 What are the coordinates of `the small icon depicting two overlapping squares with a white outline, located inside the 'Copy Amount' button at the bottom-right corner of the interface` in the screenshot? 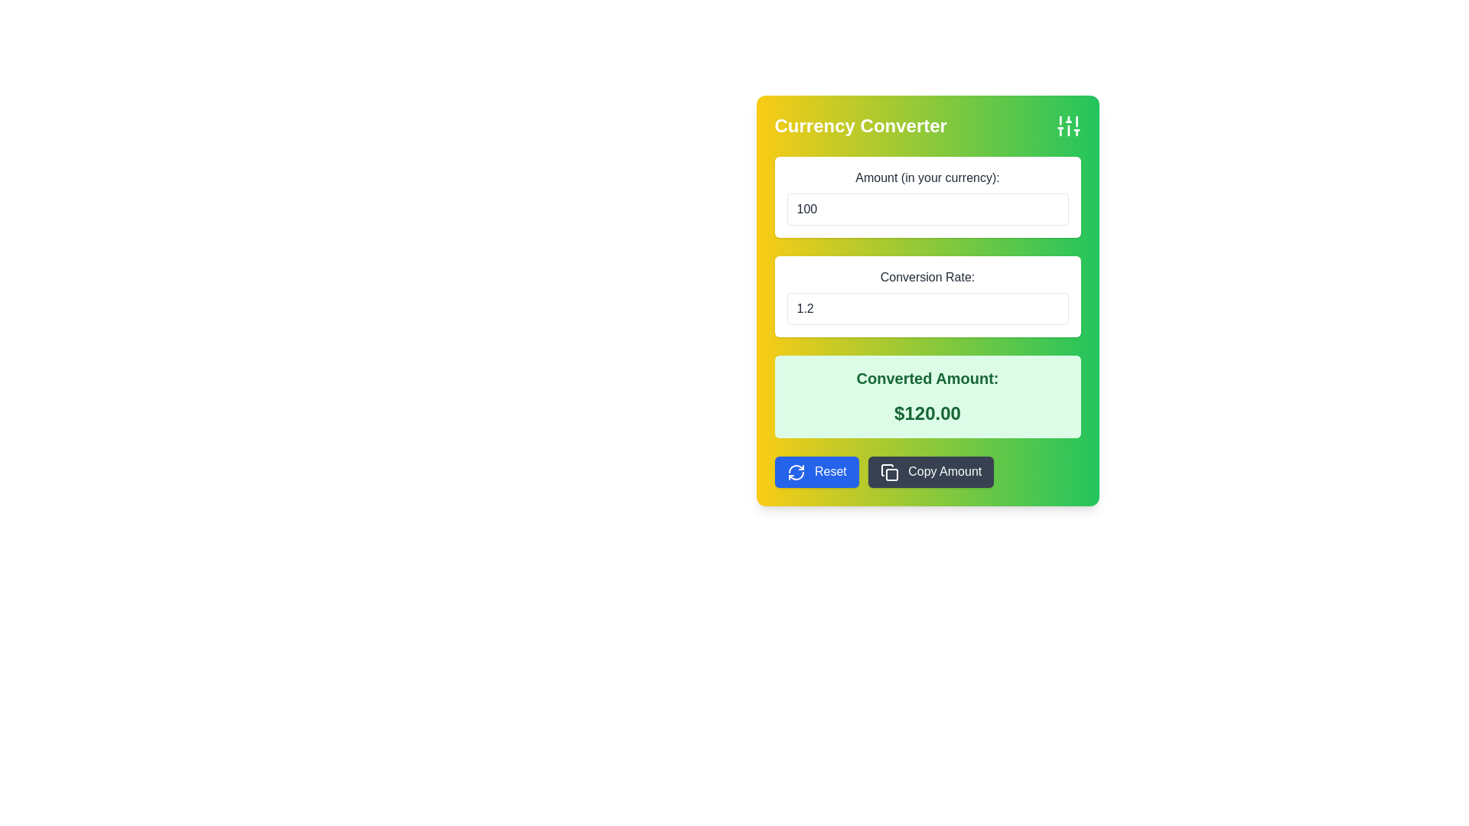 It's located at (889, 471).